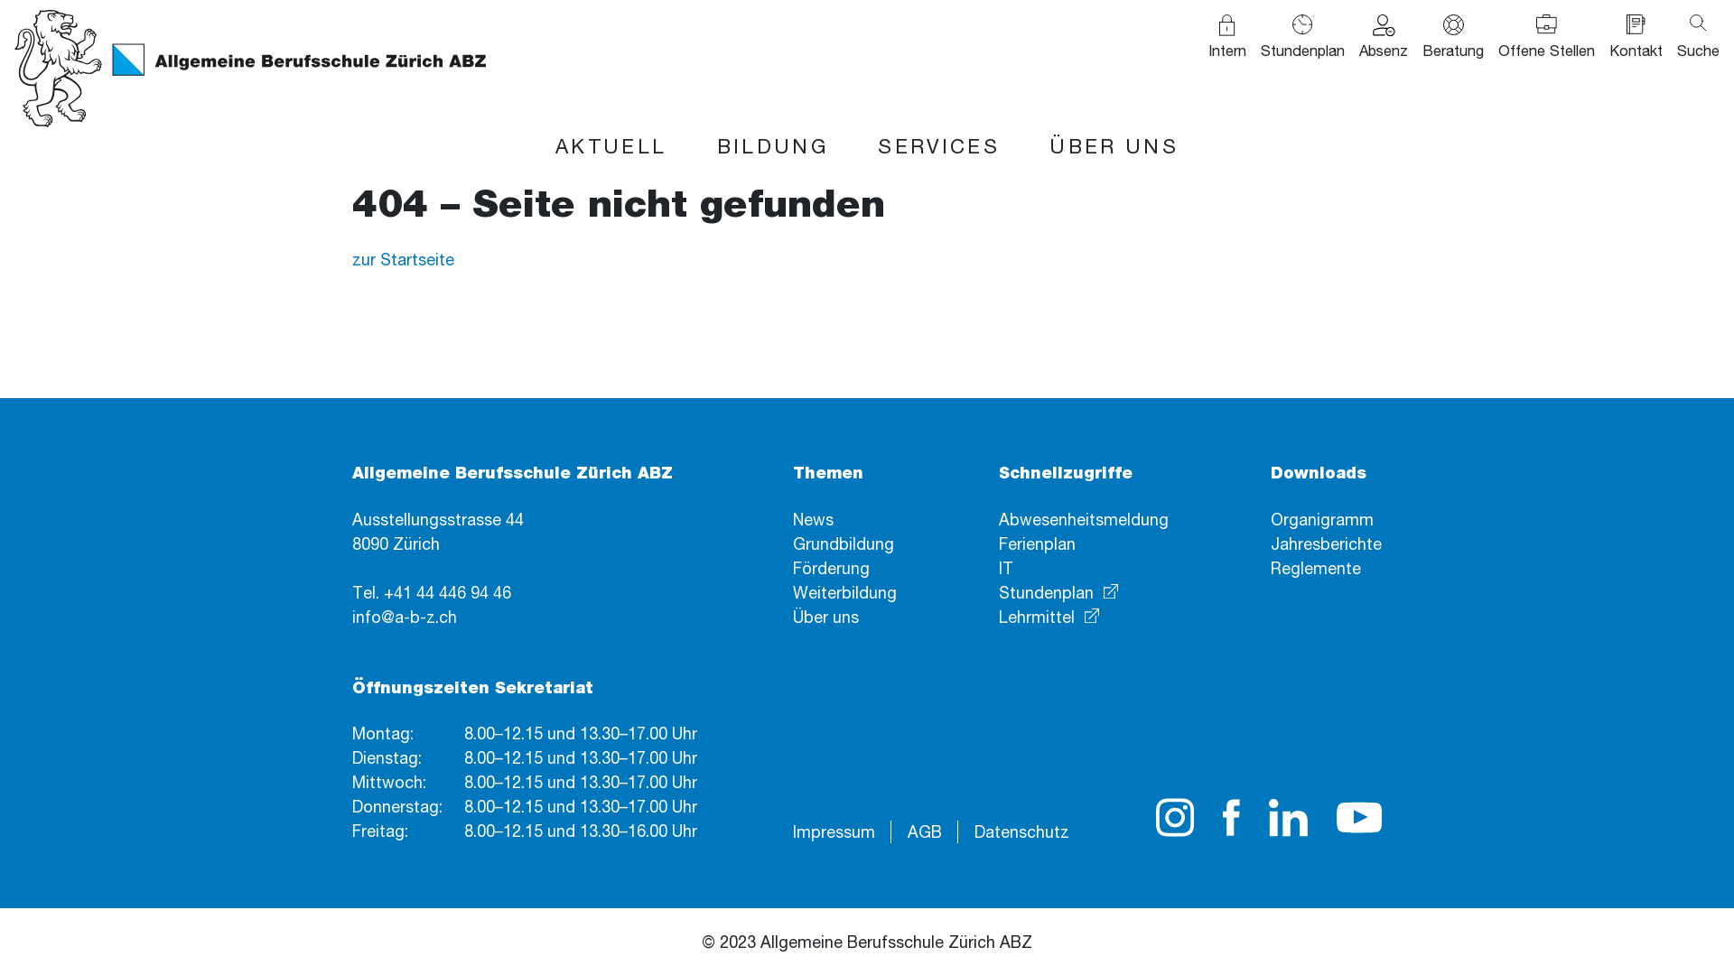 The height and width of the screenshot is (975, 1734). I want to click on 'Grundbildung', so click(843, 542).